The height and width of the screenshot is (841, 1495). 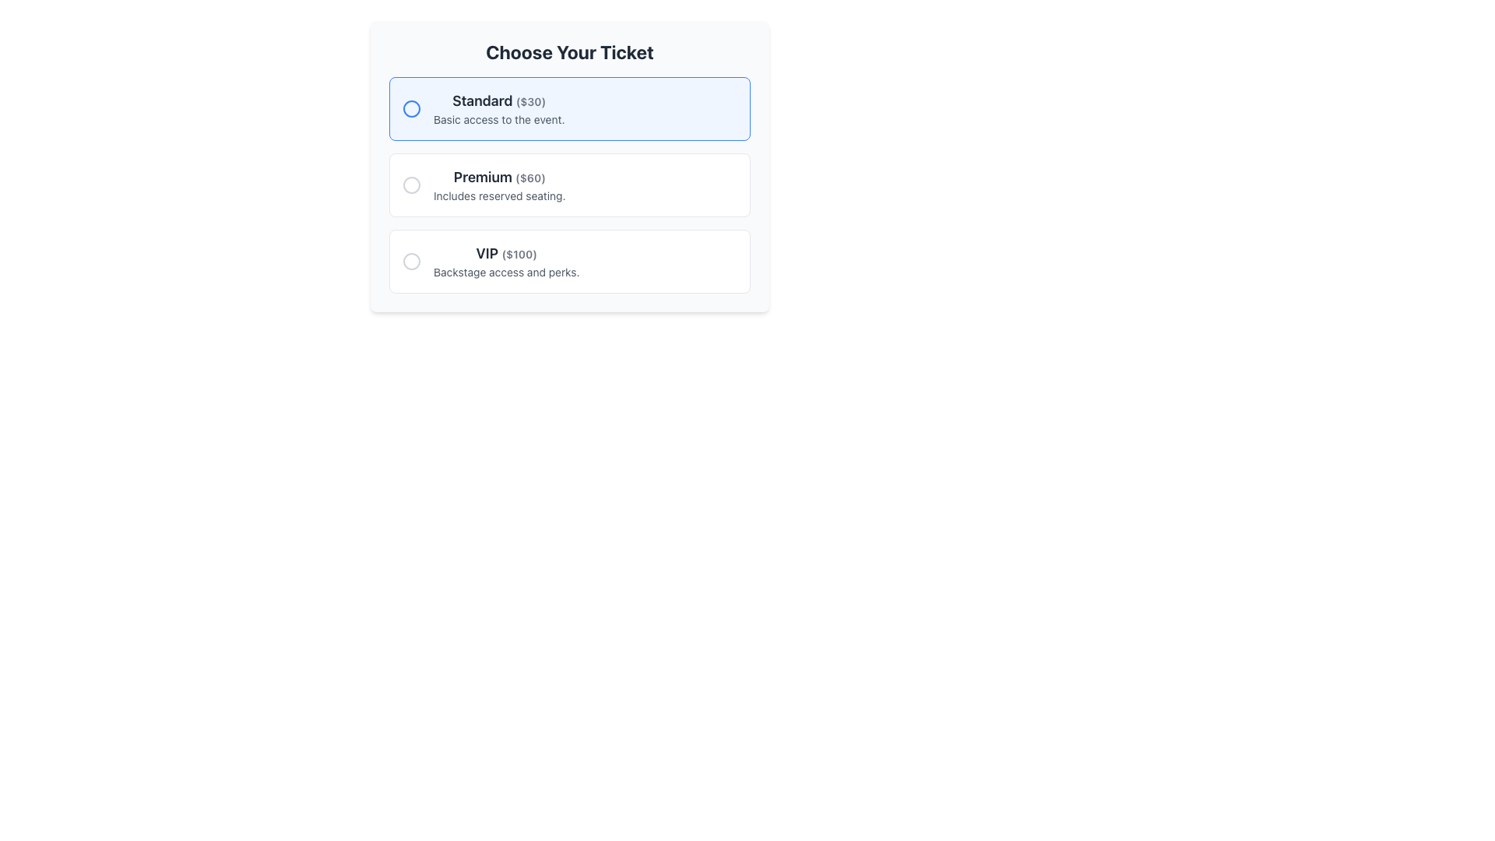 I want to click on price information displayed in the Text Label located to the right of the 'VIP' text within the 'VIP ($100)' text block, so click(x=519, y=253).